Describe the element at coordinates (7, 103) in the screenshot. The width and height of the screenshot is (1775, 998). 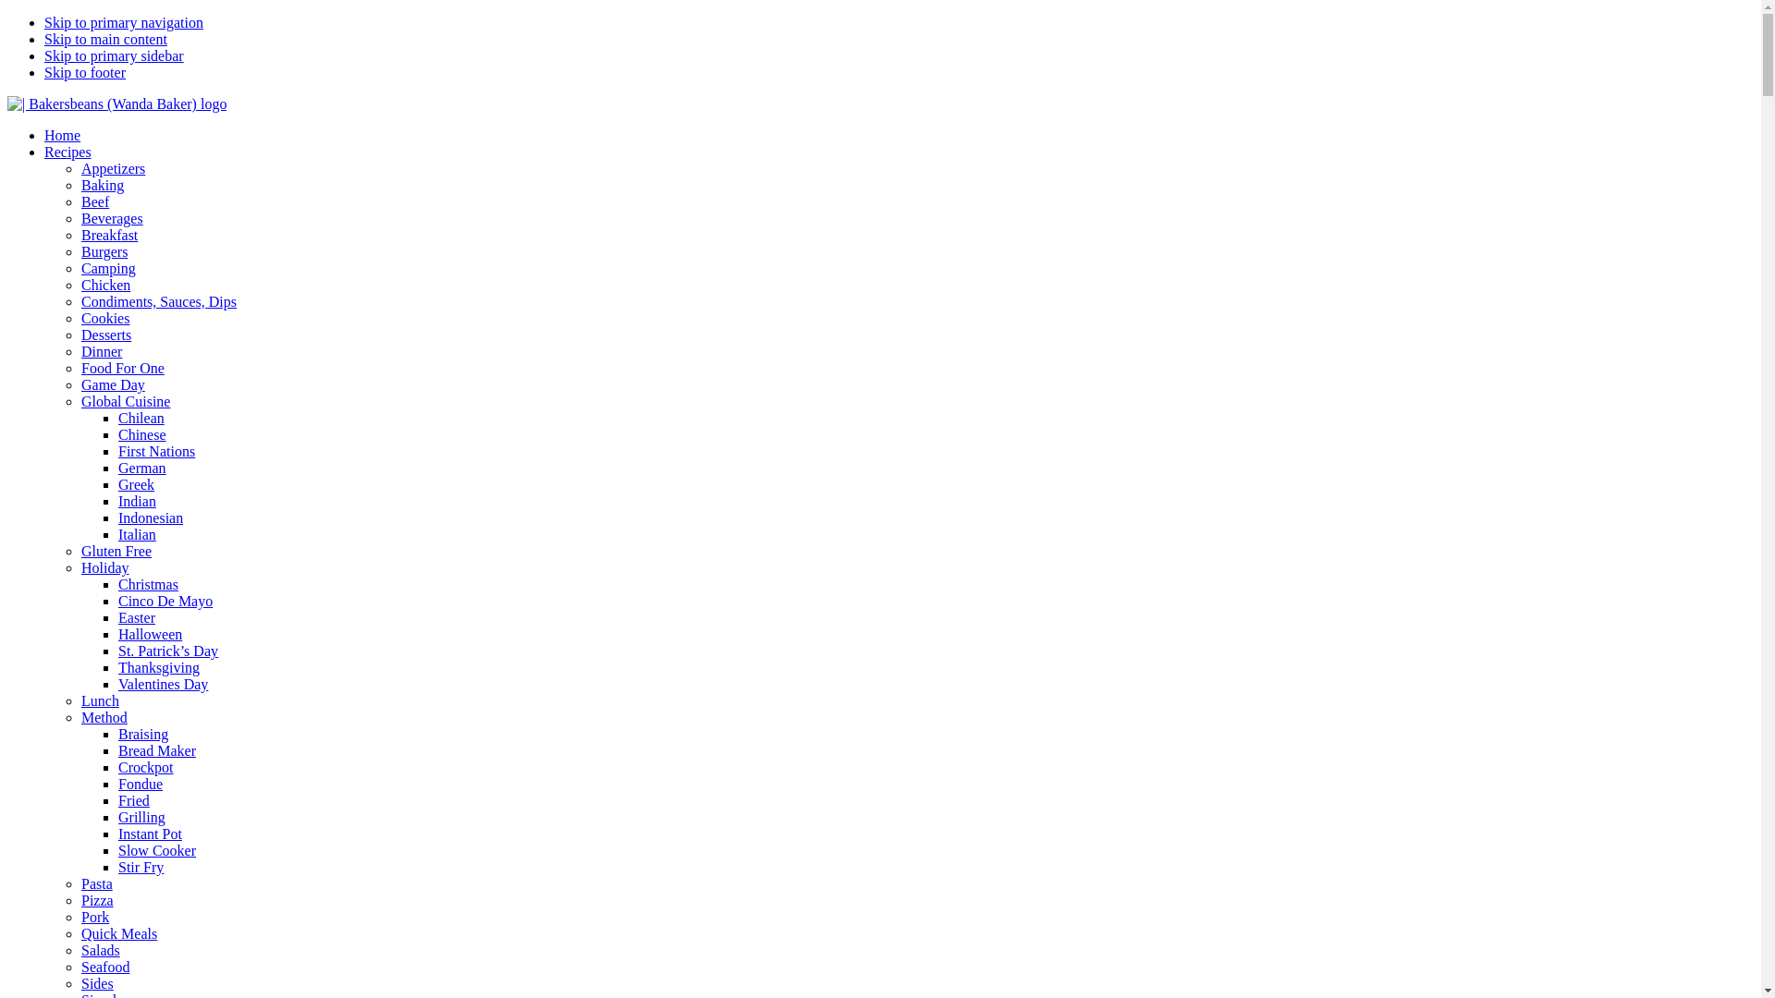
I see `'| Bakersbeans (Wanda Baker)'` at that location.